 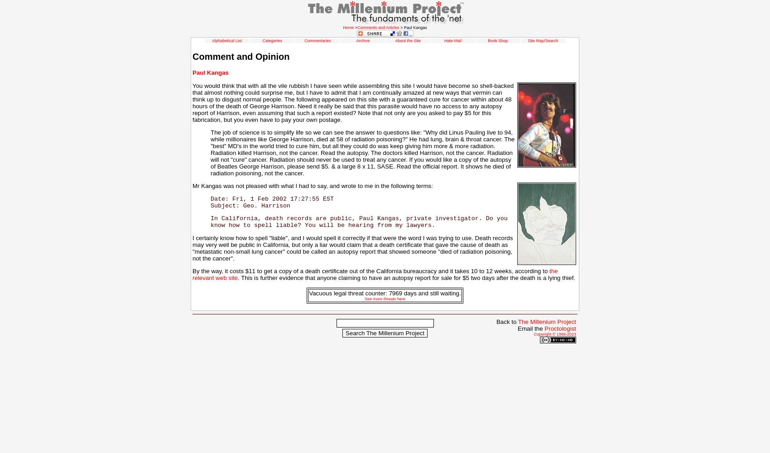 What do you see at coordinates (210, 72) in the screenshot?
I see `'Paul Kangas'` at bounding box center [210, 72].